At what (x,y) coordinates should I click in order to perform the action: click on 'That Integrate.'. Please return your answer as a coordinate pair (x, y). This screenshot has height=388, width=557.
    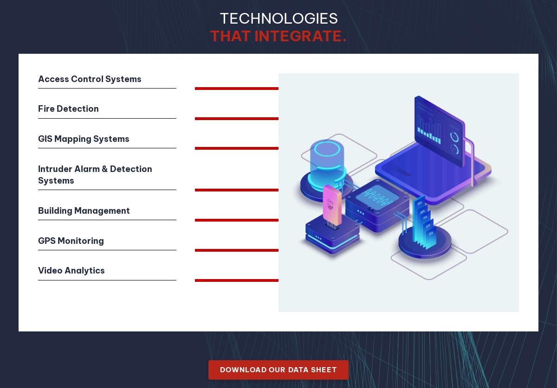
    Looking at the image, I should click on (278, 35).